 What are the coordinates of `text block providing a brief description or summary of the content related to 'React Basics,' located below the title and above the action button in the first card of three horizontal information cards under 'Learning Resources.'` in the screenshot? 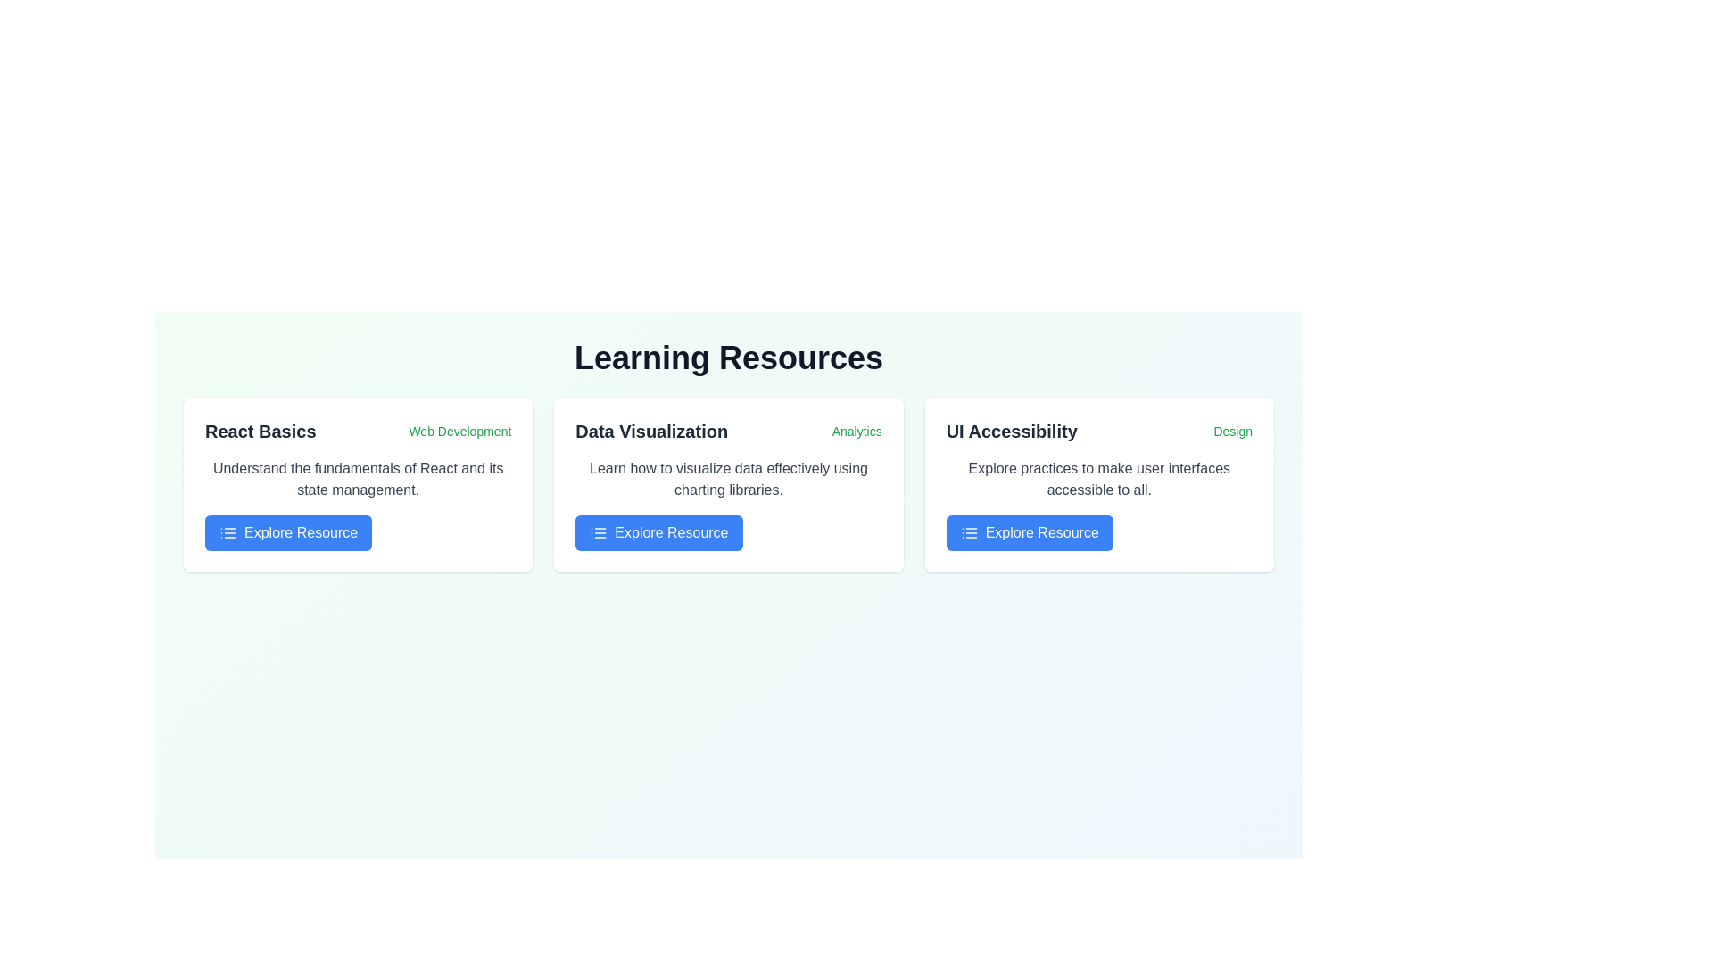 It's located at (357, 478).